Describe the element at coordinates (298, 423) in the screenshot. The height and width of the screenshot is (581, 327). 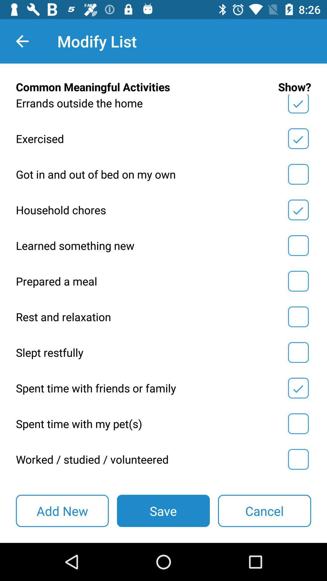
I see `check/uncheck box to show/hide activity` at that location.